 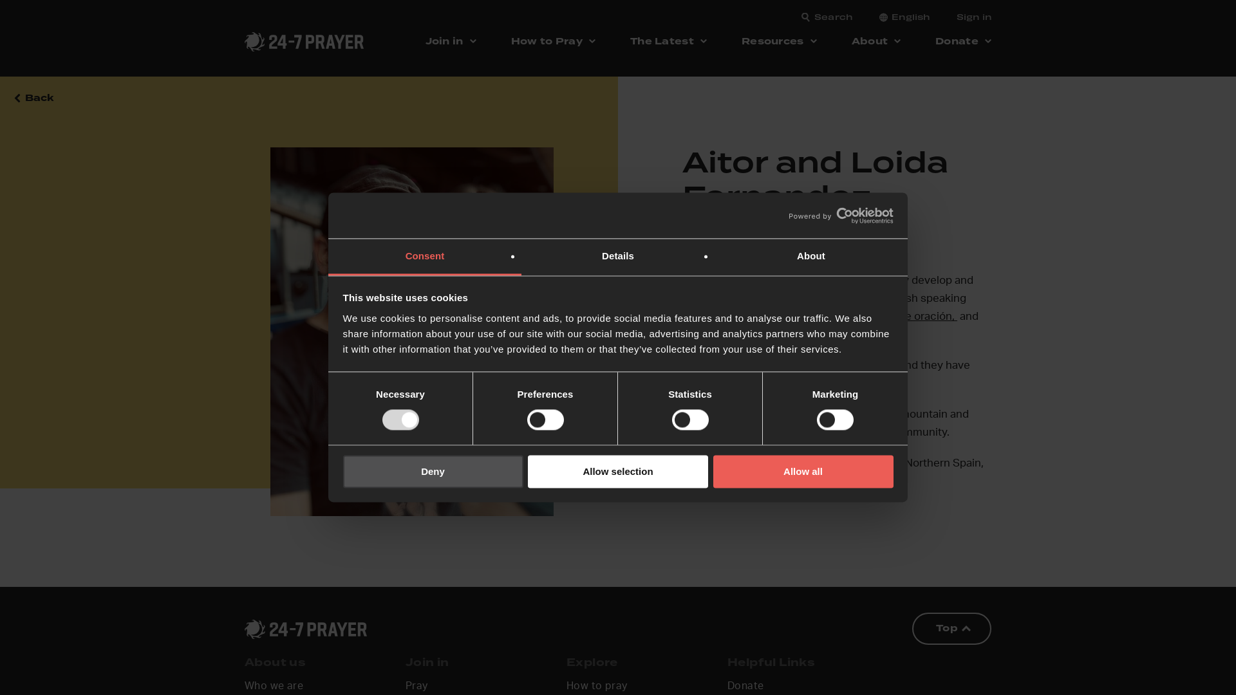 What do you see at coordinates (803, 471) in the screenshot?
I see `'Allow all'` at bounding box center [803, 471].